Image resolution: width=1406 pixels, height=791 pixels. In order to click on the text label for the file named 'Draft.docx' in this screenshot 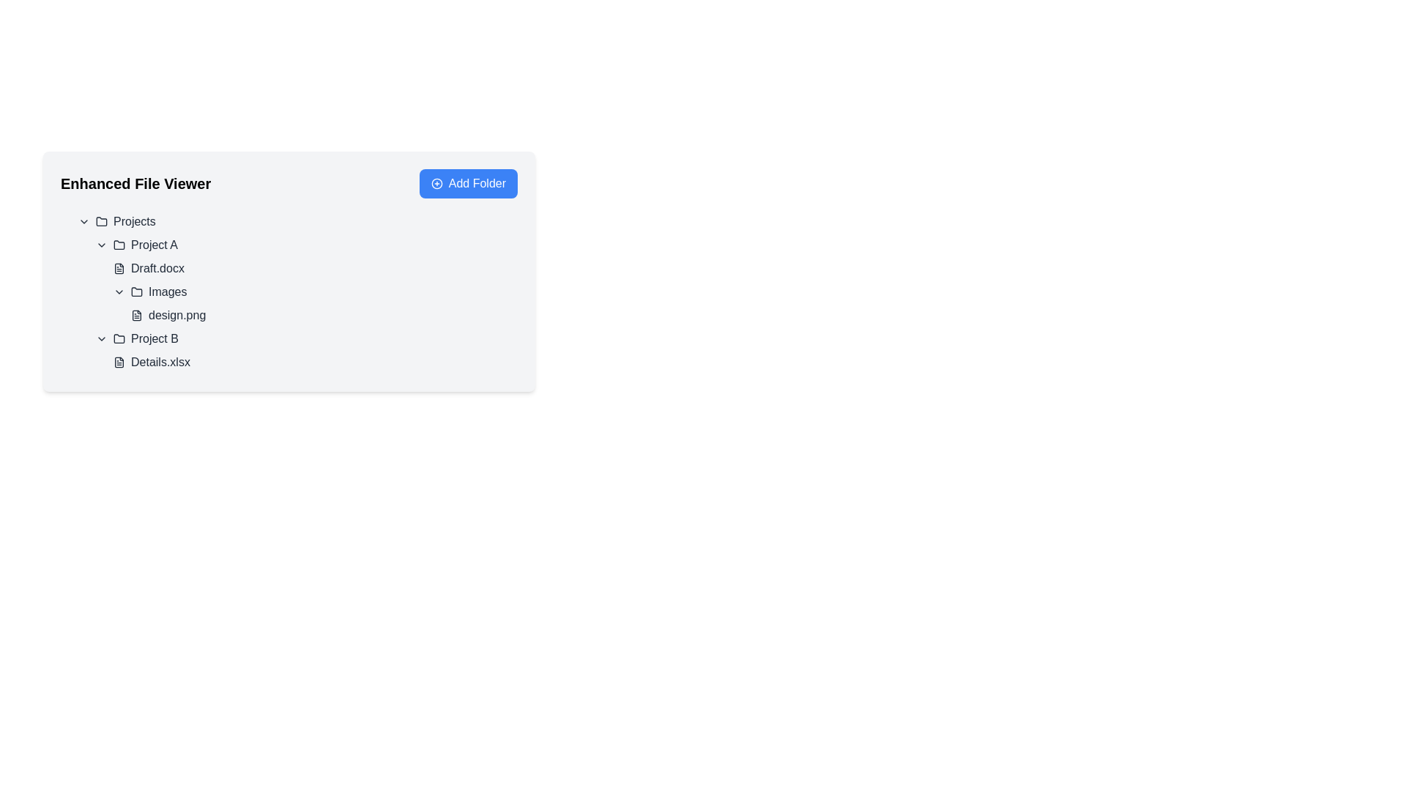, I will do `click(157, 268)`.